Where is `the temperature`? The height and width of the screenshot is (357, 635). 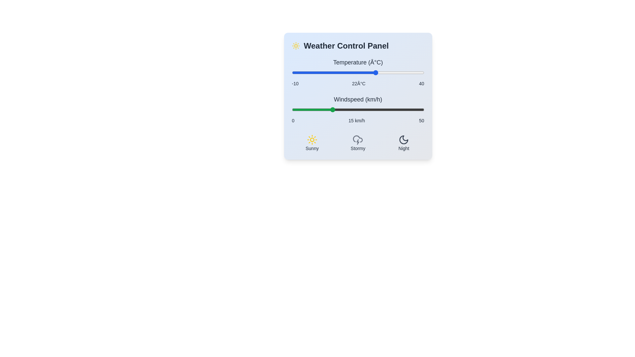 the temperature is located at coordinates (384, 72).